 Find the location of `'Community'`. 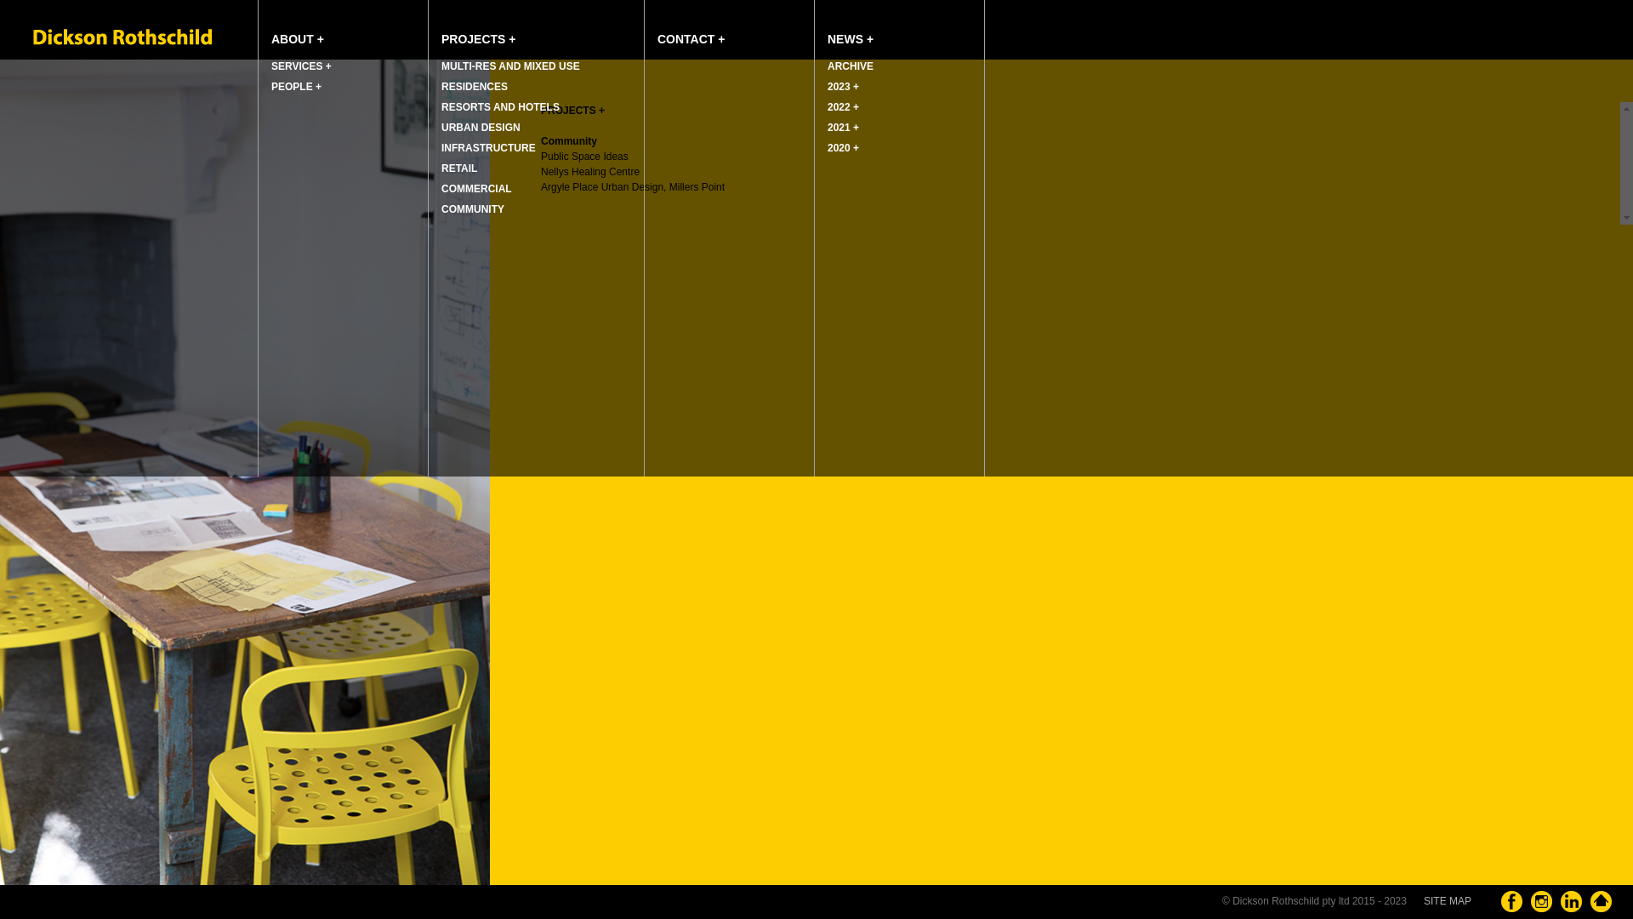

'Community' is located at coordinates (568, 140).